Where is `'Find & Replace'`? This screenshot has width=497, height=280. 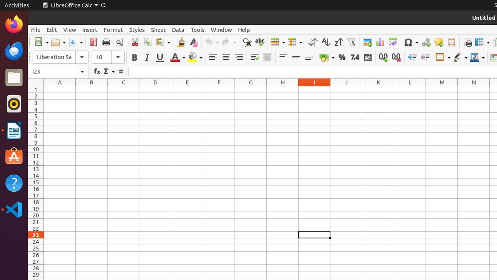 'Find & Replace' is located at coordinates (246, 42).